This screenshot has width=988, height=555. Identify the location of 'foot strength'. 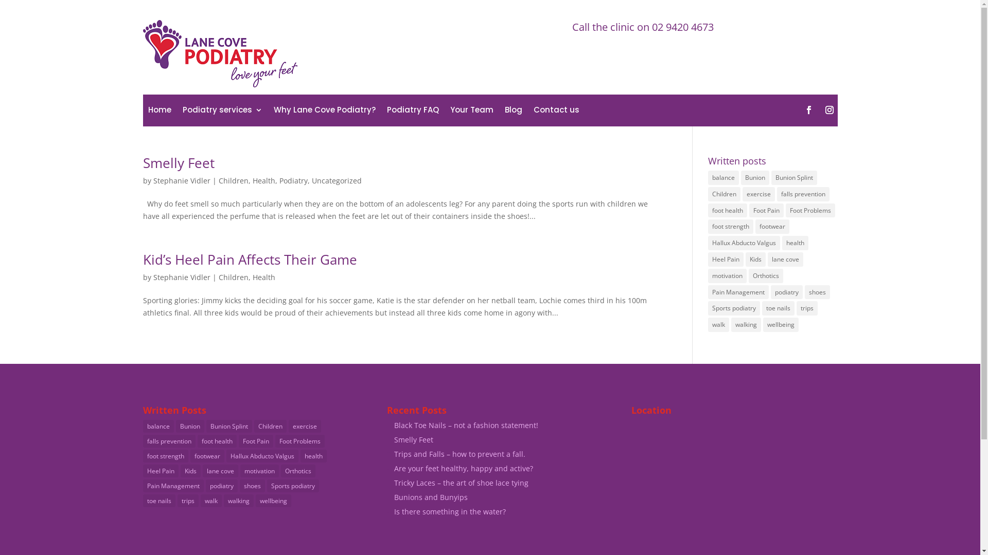
(165, 455).